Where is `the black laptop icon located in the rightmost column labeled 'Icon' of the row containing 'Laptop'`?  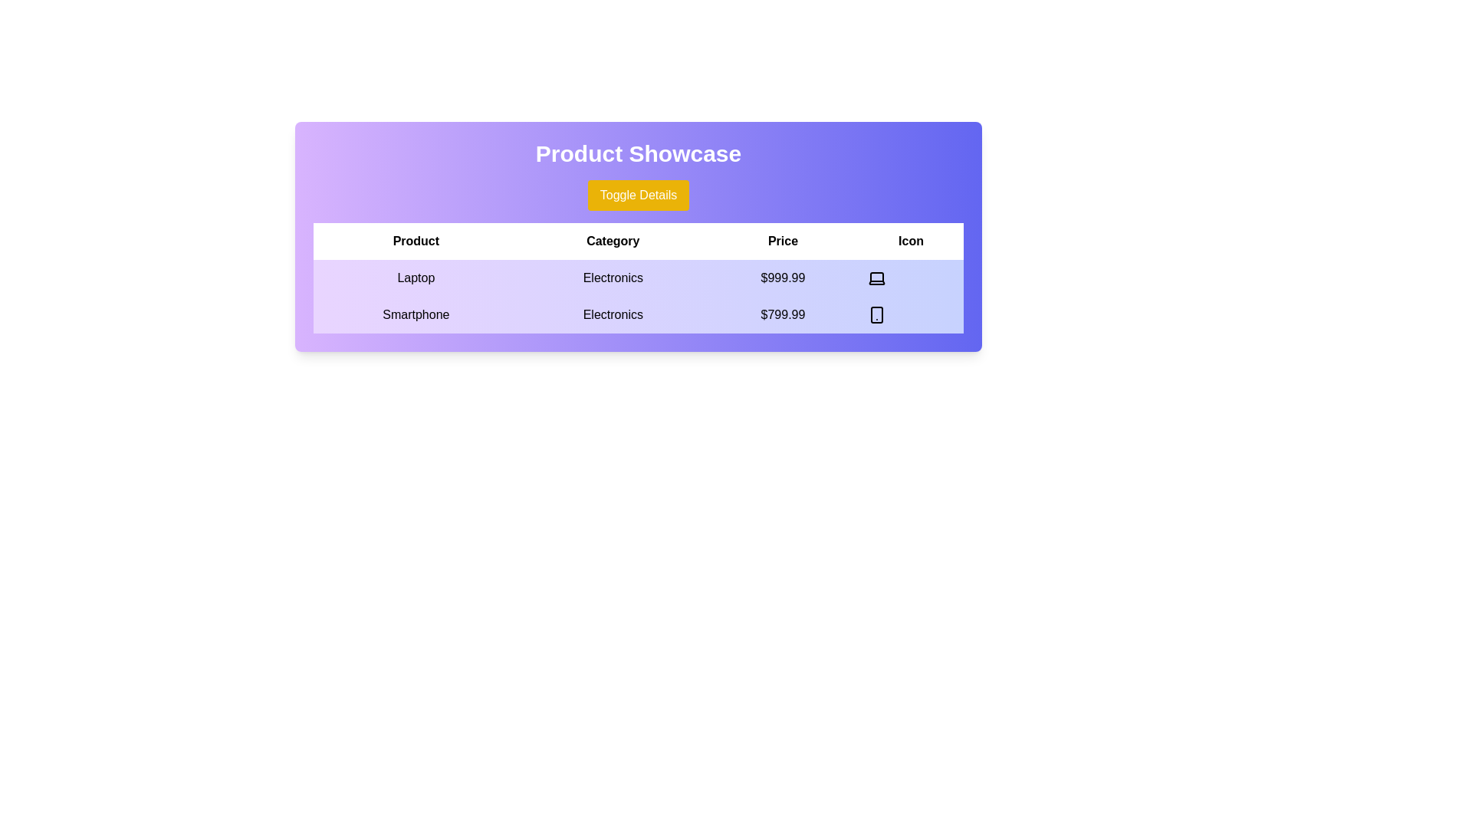 the black laptop icon located in the rightmost column labeled 'Icon' of the row containing 'Laptop' is located at coordinates (876, 278).